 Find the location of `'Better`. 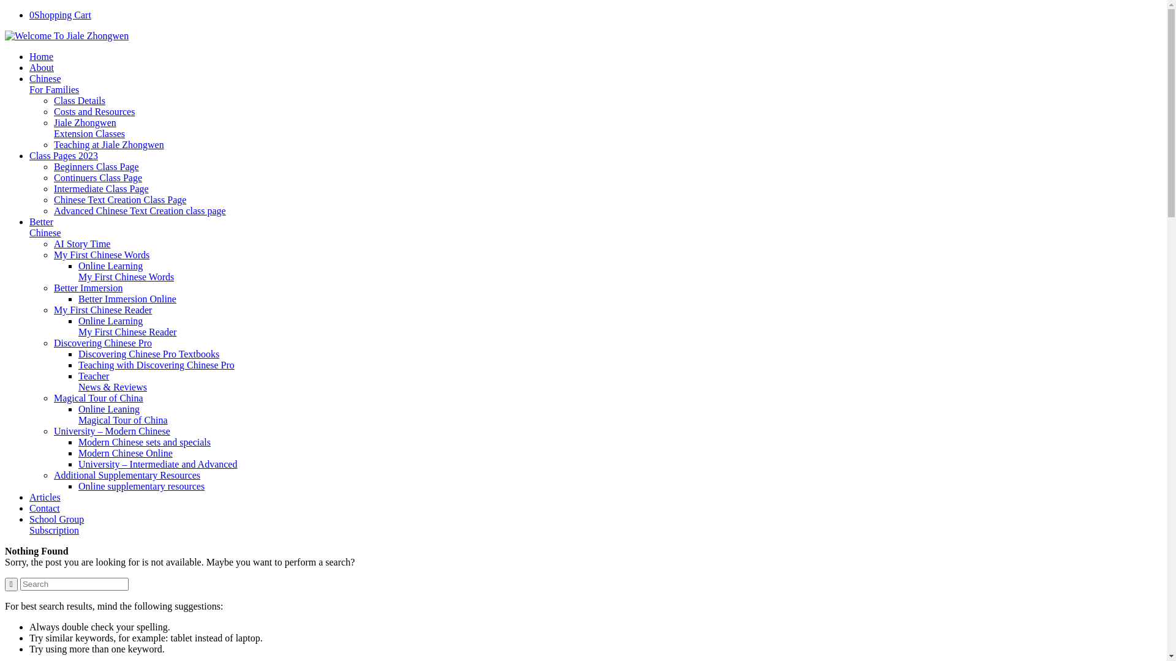

'Better is located at coordinates (45, 227).